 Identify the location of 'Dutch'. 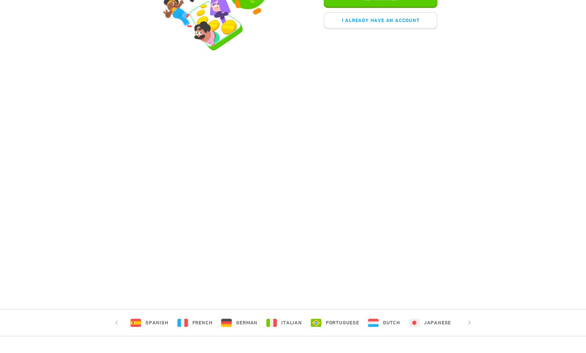
(391, 322).